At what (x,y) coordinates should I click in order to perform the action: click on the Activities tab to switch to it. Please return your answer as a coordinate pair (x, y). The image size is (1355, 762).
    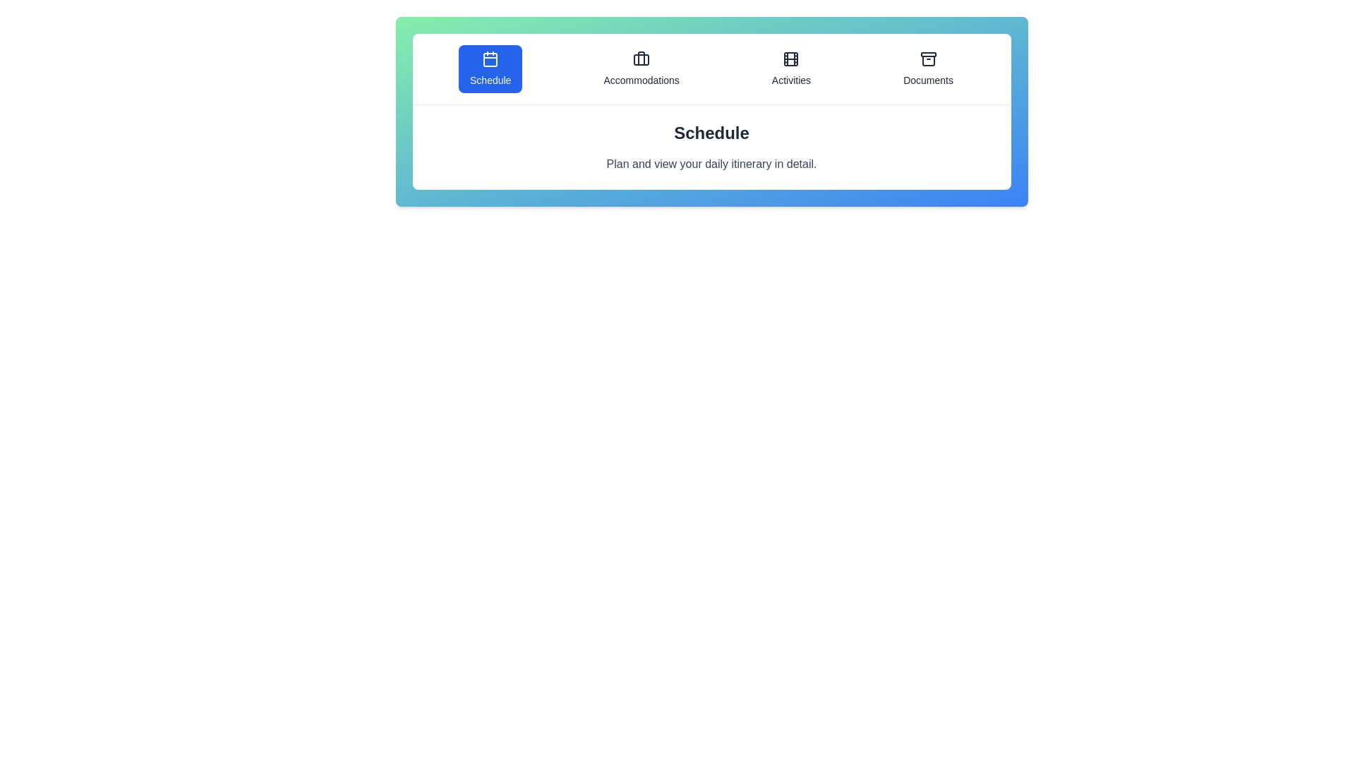
    Looking at the image, I should click on (791, 68).